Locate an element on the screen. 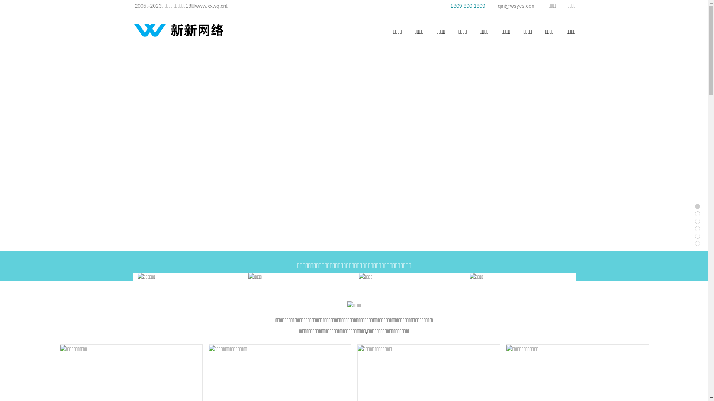  'qin@wsyes.com' is located at coordinates (512, 6).